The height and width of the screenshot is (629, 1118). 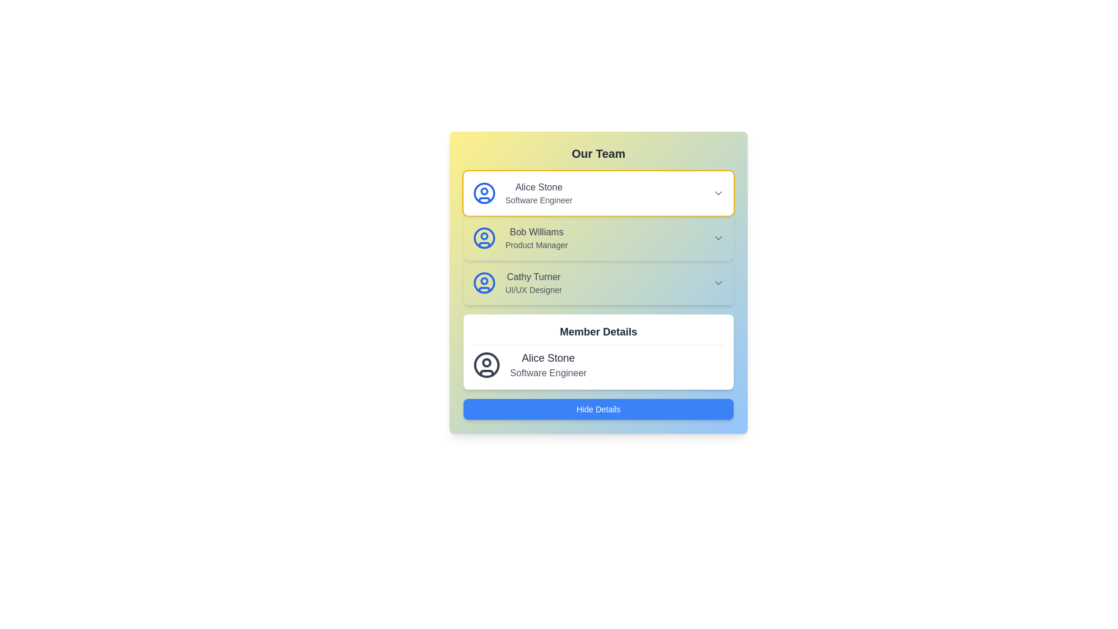 What do you see at coordinates (484, 283) in the screenshot?
I see `the circular user profile icon with a thick blue border, which is the first circular subcomponent in the topmost block of the list` at bounding box center [484, 283].